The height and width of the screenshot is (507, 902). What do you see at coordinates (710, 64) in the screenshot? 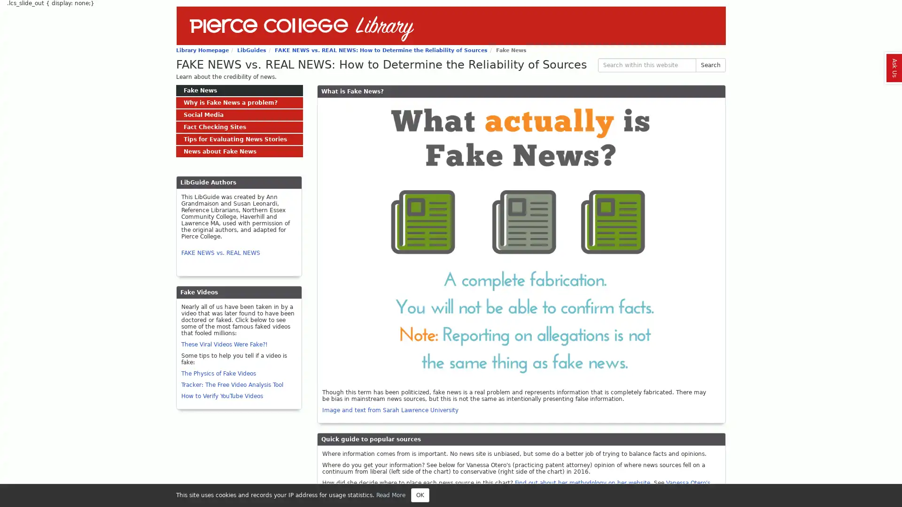
I see `Search` at bounding box center [710, 64].